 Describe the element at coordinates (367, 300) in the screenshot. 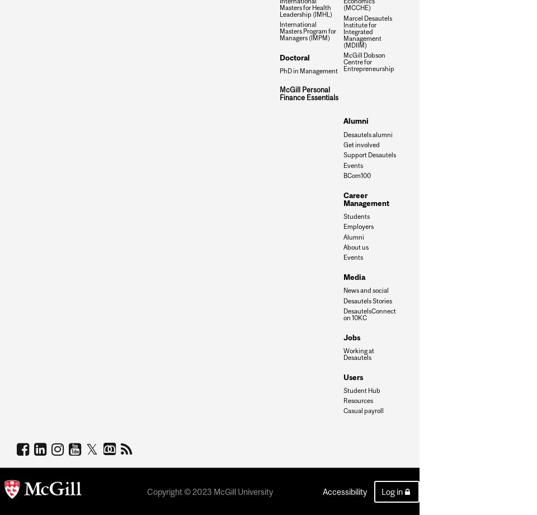

I see `'Desautels Stories'` at that location.